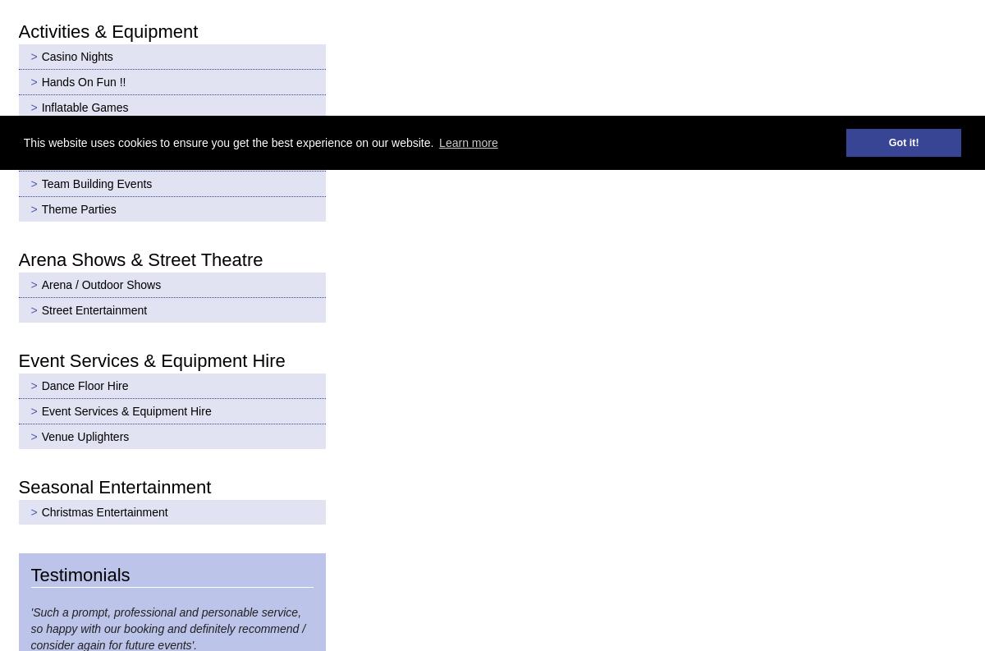  What do you see at coordinates (41, 208) in the screenshot?
I see `'Theme Parties'` at bounding box center [41, 208].